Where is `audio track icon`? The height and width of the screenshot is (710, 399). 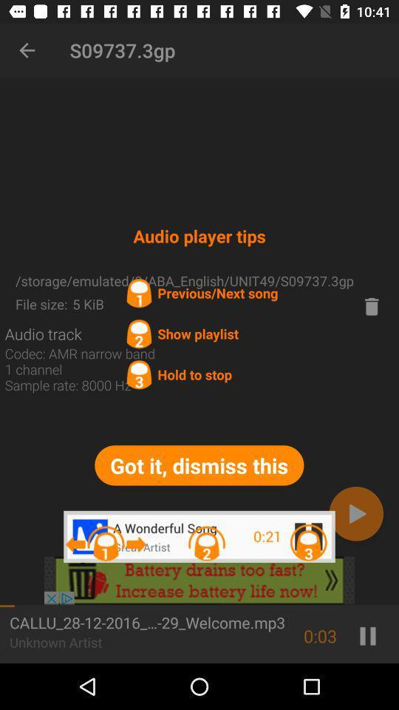
audio track icon is located at coordinates (43, 334).